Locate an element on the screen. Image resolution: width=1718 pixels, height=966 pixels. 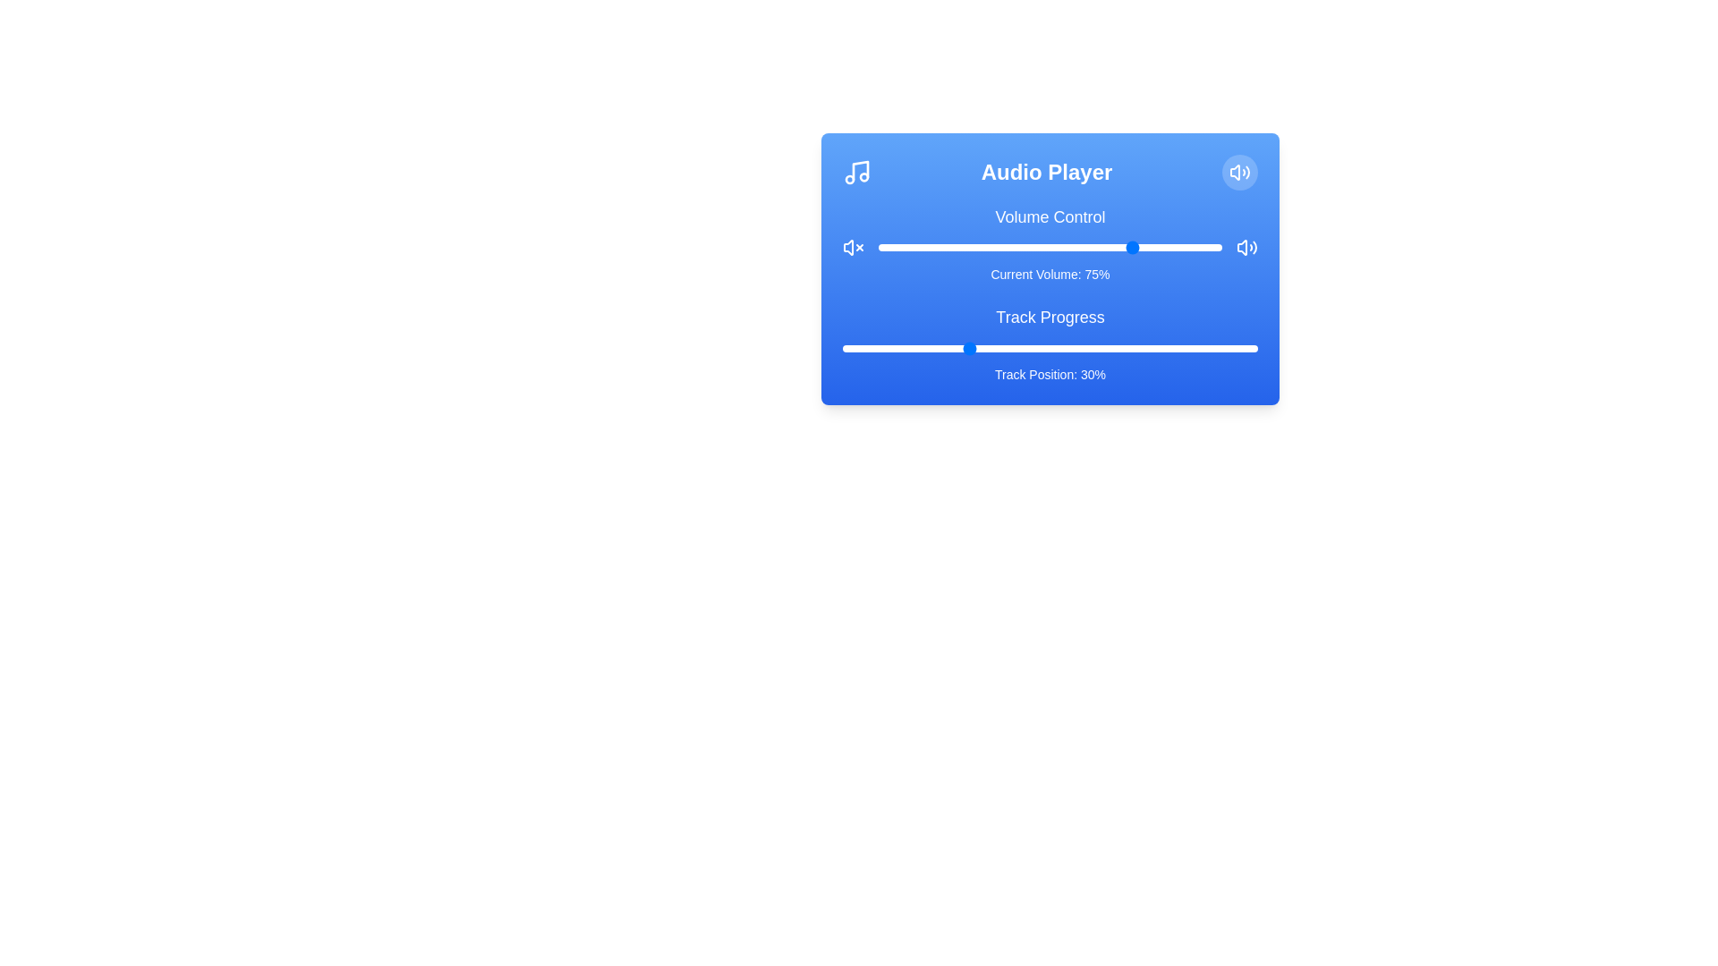
the track position is located at coordinates (854, 348).